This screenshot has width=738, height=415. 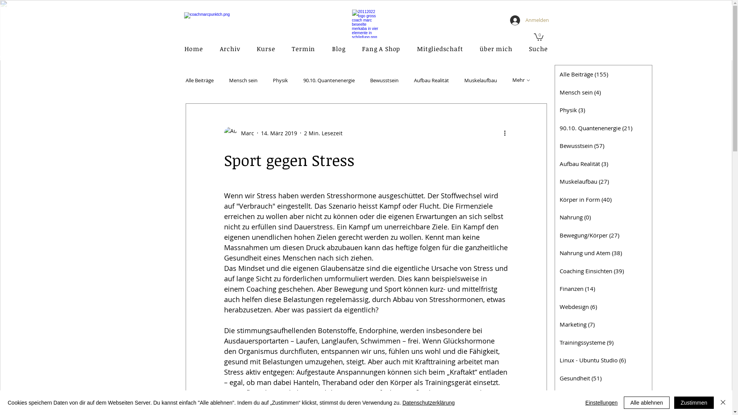 What do you see at coordinates (603, 128) in the screenshot?
I see `'90.10. Quantenenergie (21)'` at bounding box center [603, 128].